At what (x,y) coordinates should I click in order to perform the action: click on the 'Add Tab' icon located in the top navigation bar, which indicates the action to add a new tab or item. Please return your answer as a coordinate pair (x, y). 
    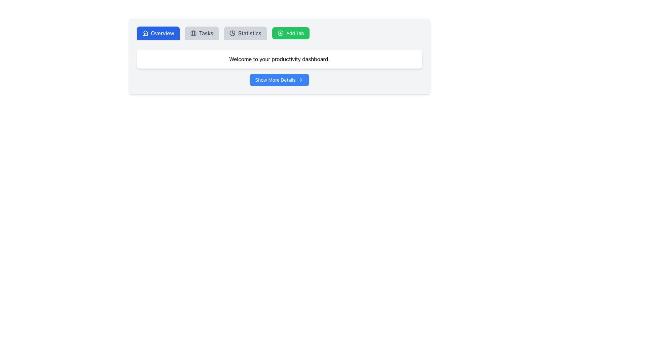
    Looking at the image, I should click on (281, 33).